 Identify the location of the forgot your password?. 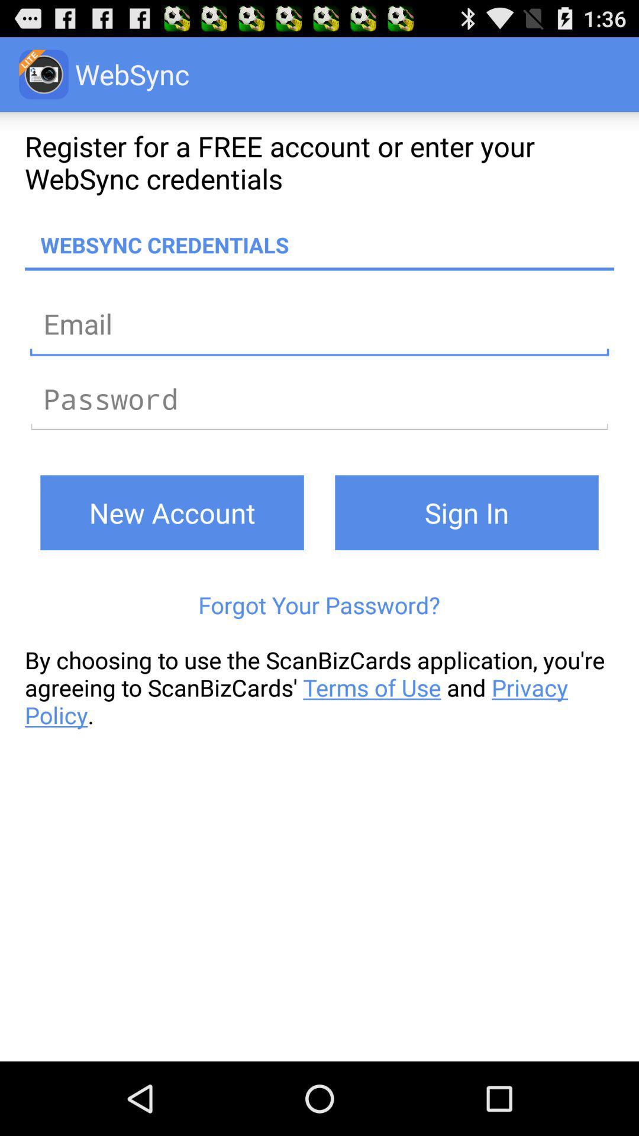
(318, 605).